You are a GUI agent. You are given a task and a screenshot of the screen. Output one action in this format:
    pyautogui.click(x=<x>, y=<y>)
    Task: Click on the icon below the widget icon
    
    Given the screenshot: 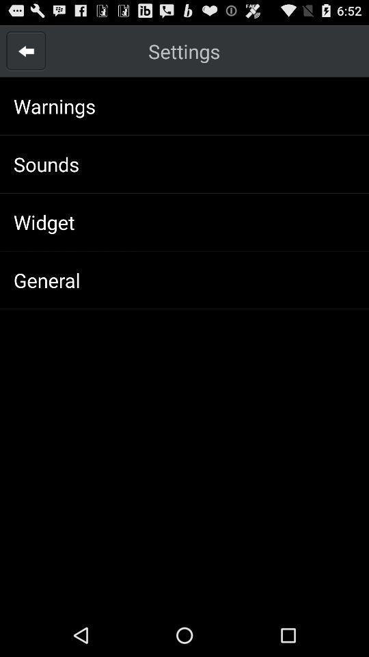 What is the action you would take?
    pyautogui.click(x=46, y=279)
    